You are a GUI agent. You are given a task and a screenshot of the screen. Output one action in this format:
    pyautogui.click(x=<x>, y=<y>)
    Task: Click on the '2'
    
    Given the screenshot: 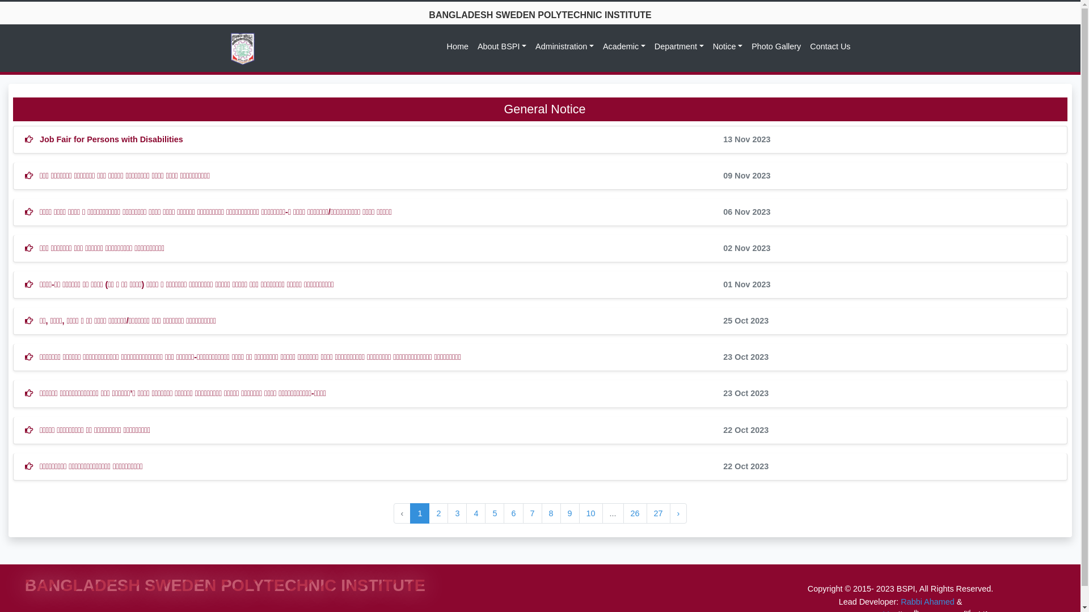 What is the action you would take?
    pyautogui.click(x=437, y=513)
    